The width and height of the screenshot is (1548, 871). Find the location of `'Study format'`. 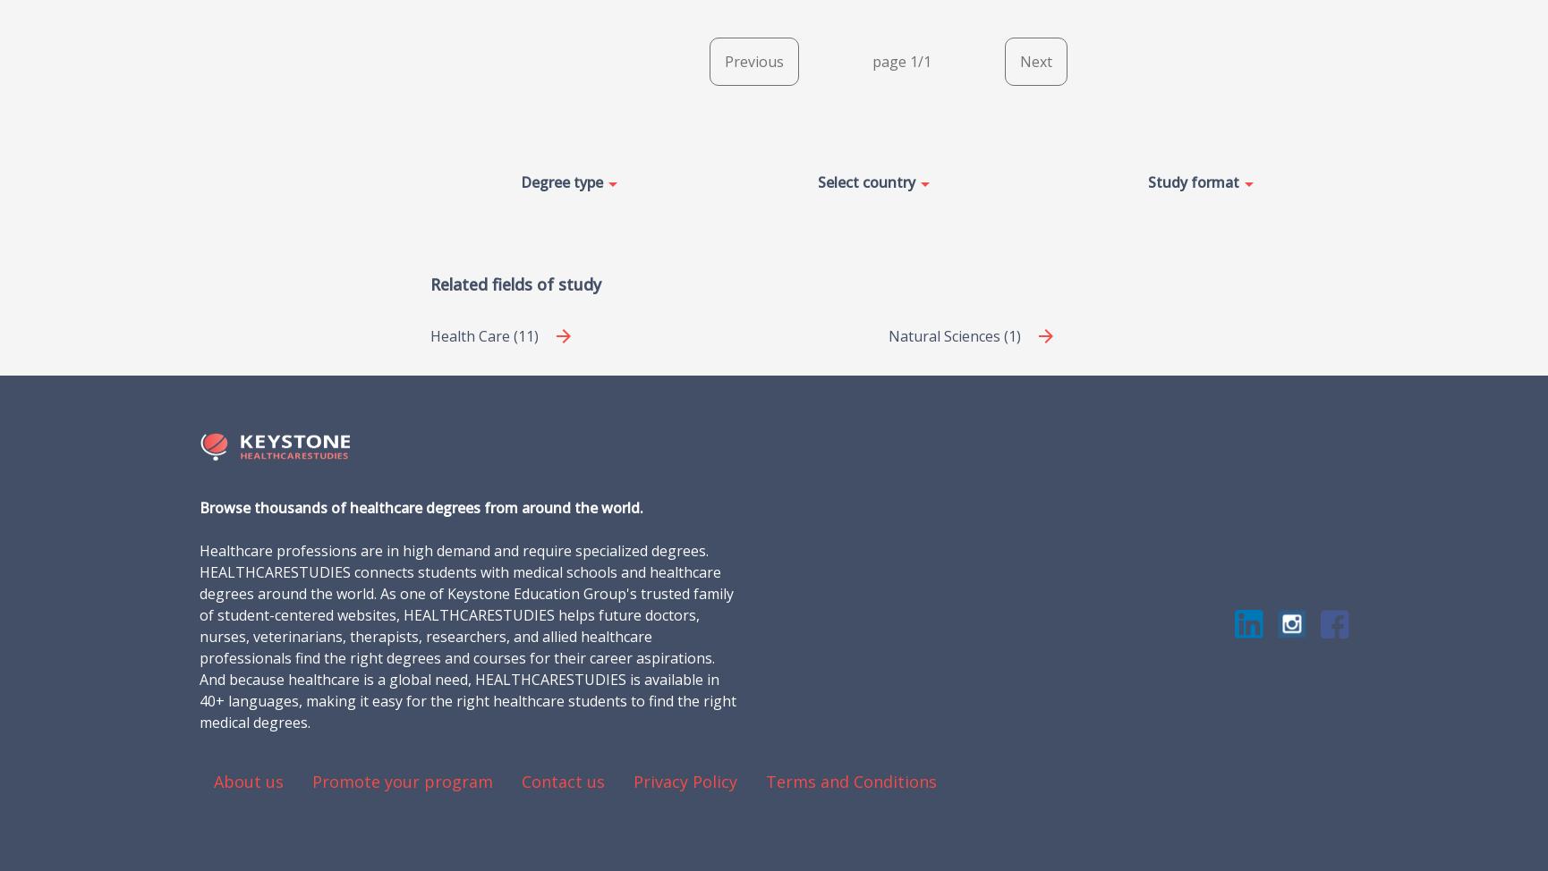

'Study format' is located at coordinates (1147, 181).